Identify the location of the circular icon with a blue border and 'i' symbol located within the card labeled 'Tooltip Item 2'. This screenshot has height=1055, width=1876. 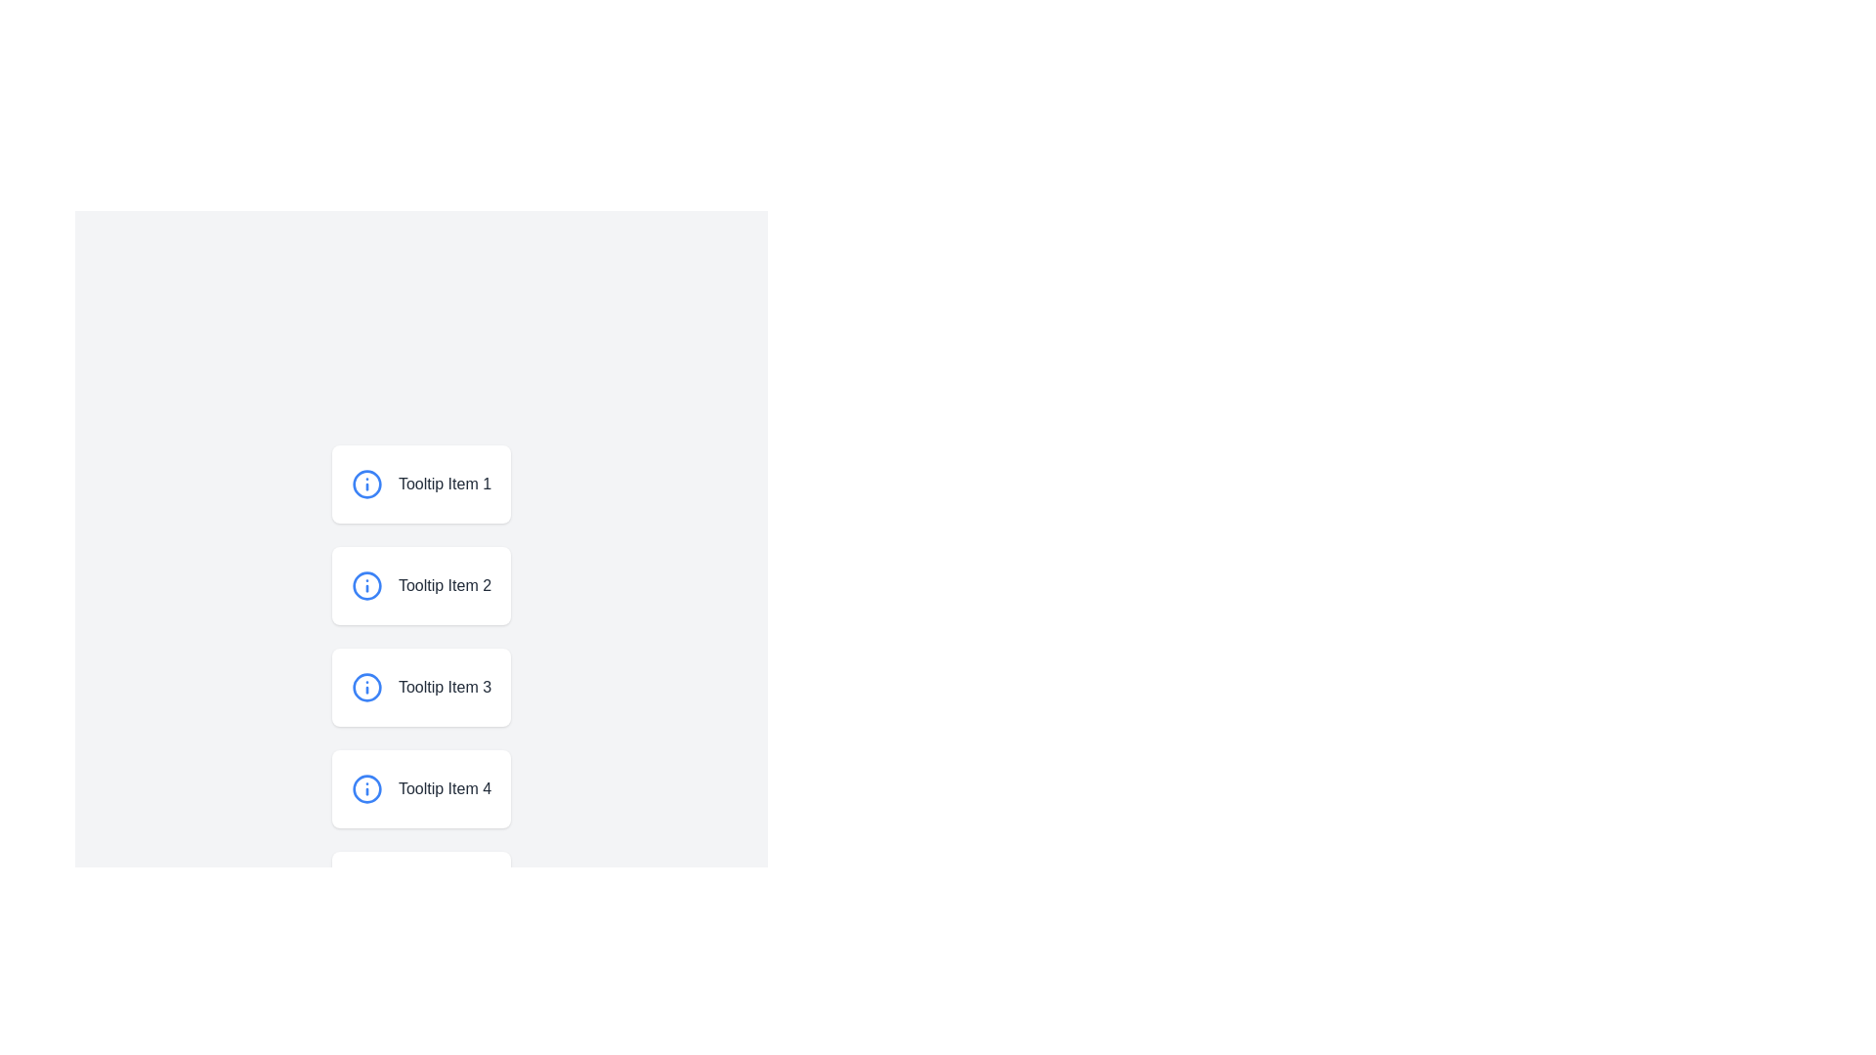
(366, 585).